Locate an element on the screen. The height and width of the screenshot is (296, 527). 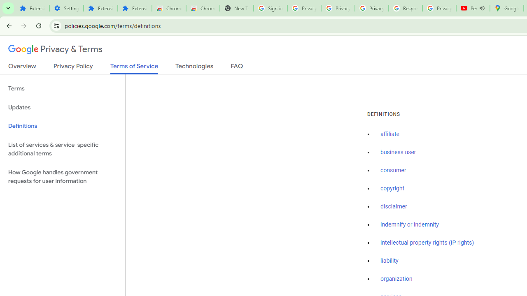
'copyright' is located at coordinates (392, 188).